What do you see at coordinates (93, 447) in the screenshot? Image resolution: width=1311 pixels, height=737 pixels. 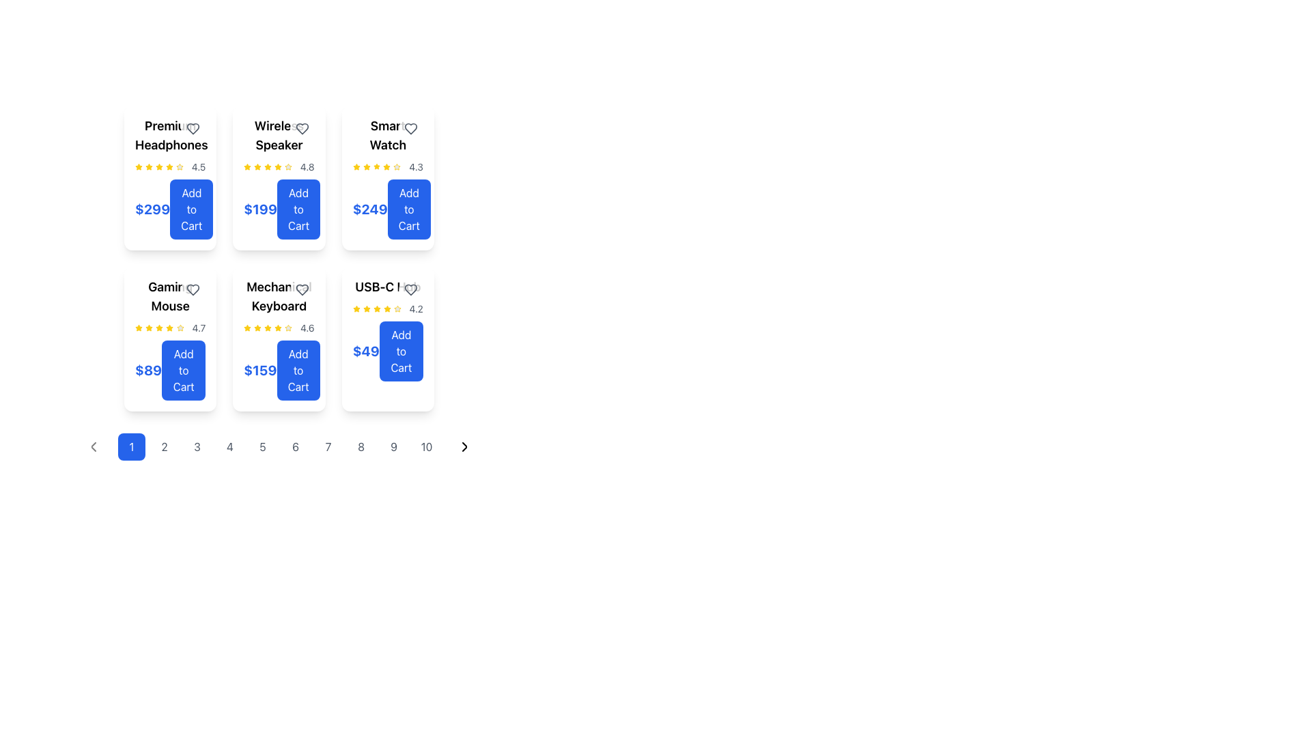 I see `the leftward chevron icon located in the bottom-left navigation bar` at bounding box center [93, 447].